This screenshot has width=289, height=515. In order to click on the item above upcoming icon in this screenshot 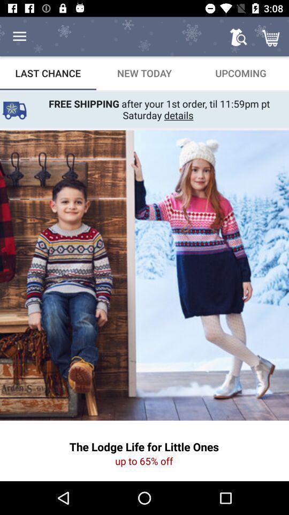, I will do `click(272, 36)`.